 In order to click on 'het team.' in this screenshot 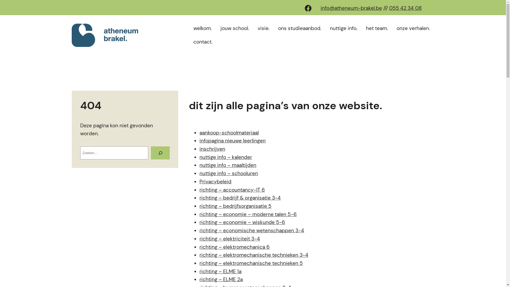, I will do `click(377, 28)`.